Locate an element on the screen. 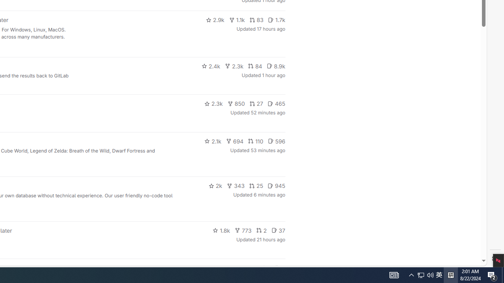  '2.4k' is located at coordinates (211, 66).